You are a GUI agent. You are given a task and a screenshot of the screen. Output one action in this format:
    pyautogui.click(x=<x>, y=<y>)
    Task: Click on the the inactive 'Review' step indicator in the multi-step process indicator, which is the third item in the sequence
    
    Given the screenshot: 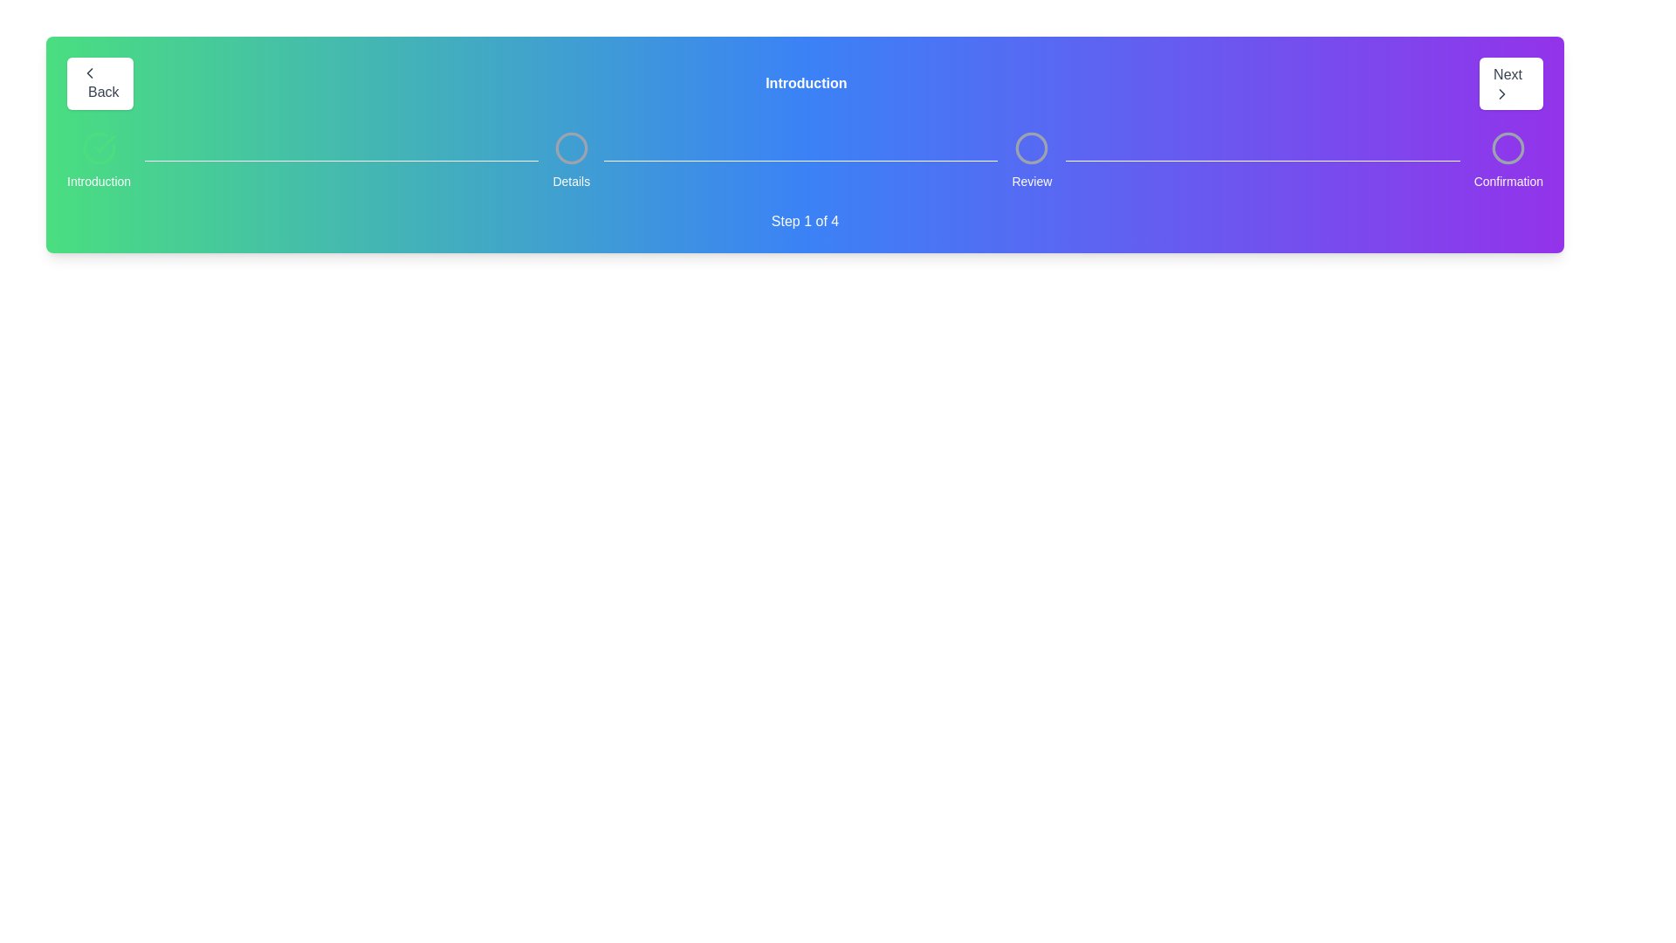 What is the action you would take?
    pyautogui.click(x=1032, y=161)
    